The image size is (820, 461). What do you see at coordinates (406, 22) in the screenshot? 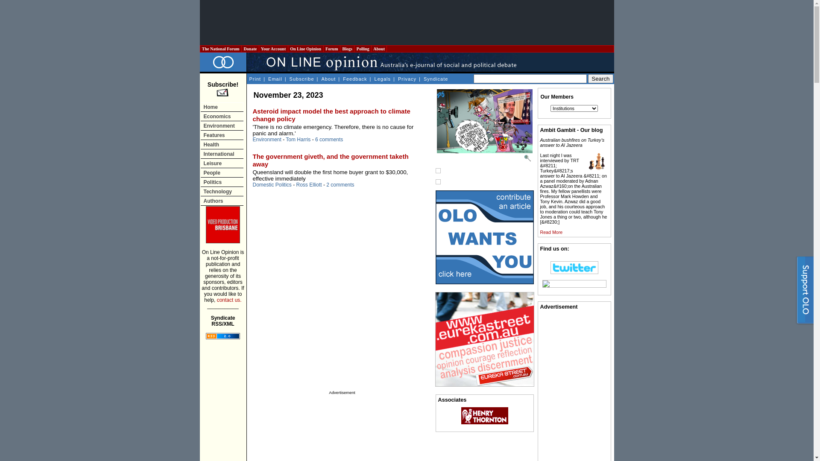
I see `'Advertisement'` at bounding box center [406, 22].